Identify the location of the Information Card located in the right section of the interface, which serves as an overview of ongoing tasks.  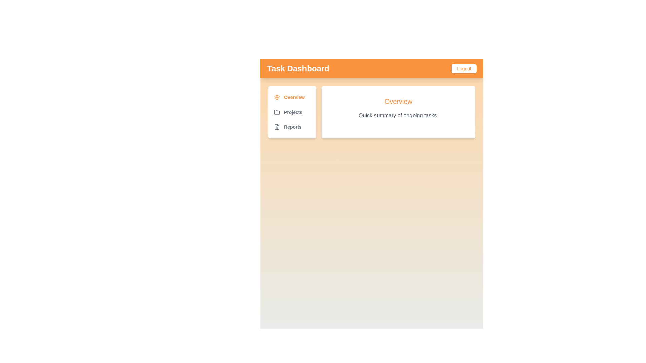
(398, 112).